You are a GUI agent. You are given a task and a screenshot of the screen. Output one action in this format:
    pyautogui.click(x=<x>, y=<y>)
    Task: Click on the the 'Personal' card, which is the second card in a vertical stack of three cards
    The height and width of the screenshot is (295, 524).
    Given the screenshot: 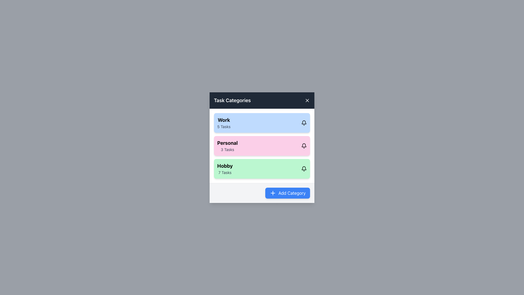 What is the action you would take?
    pyautogui.click(x=262, y=145)
    